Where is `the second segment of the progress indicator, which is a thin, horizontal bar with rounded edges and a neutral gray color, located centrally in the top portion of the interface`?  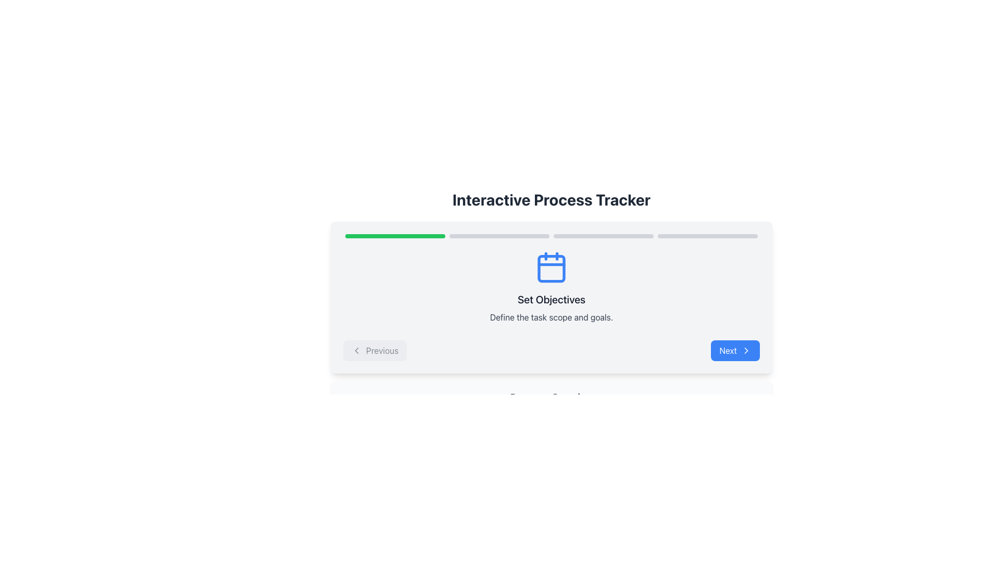
the second segment of the progress indicator, which is a thin, horizontal bar with rounded edges and a neutral gray color, located centrally in the top portion of the interface is located at coordinates (499, 236).